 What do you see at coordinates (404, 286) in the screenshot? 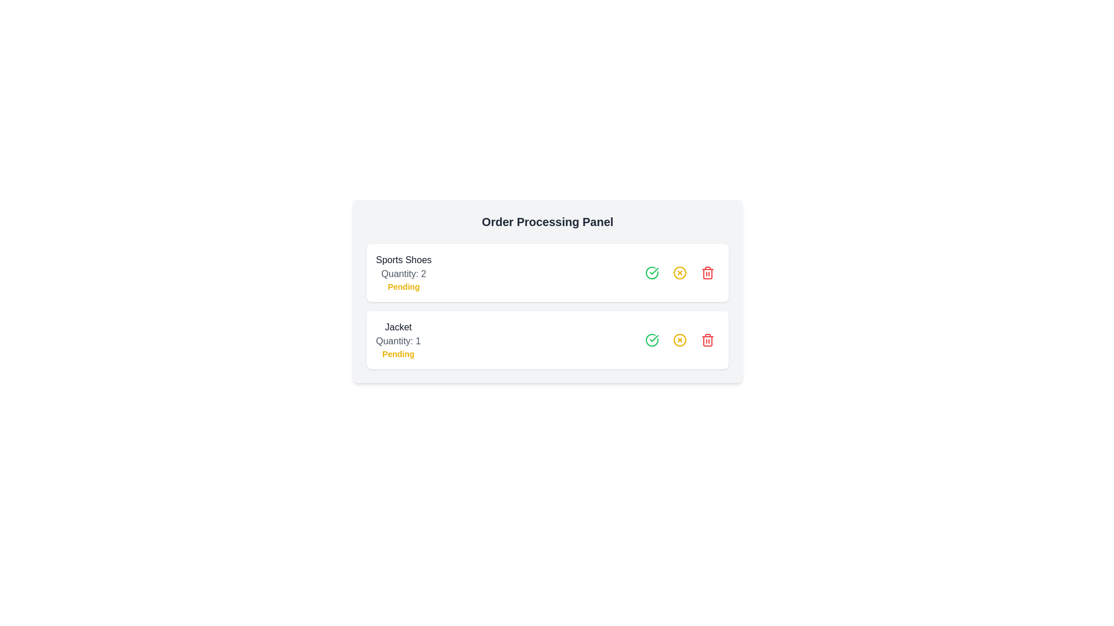
I see `status indicator text 'Pending' located beneath the 'Quantity: 2' text in the 'Sports Shoes' list item` at bounding box center [404, 286].